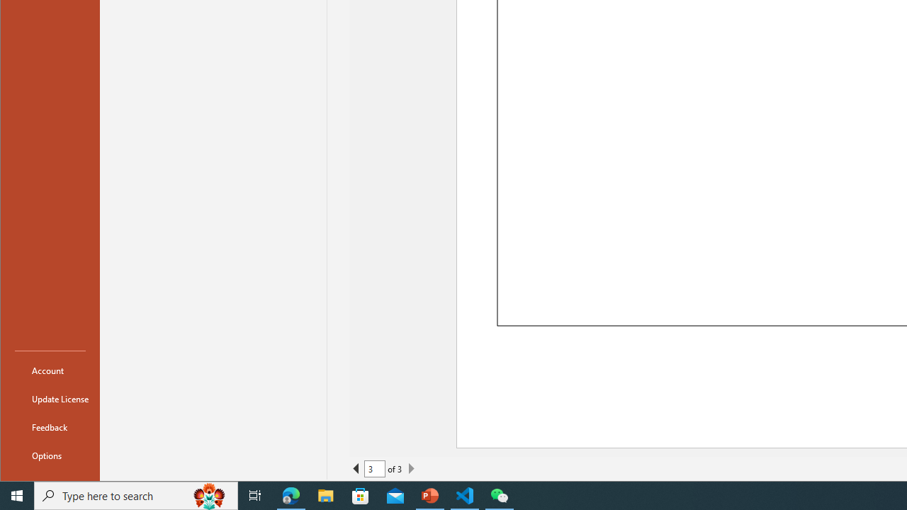  I want to click on 'Feedback', so click(50, 426).